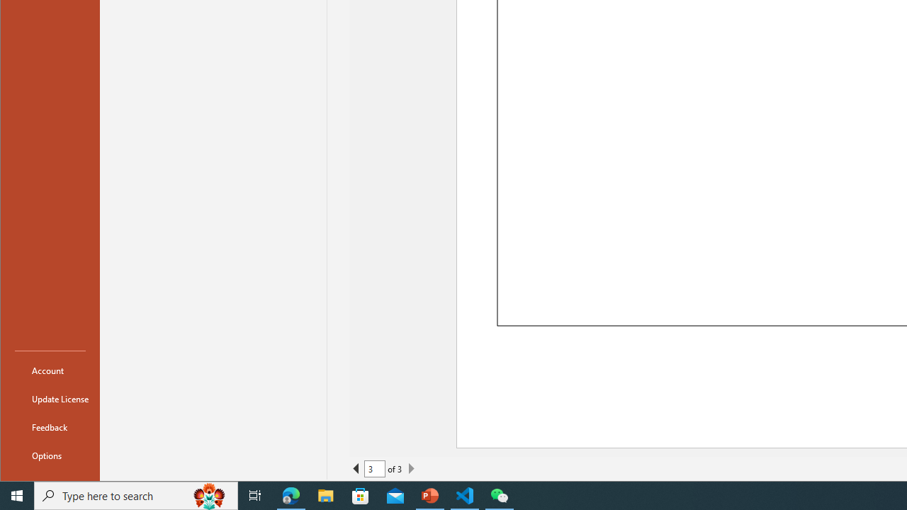  I want to click on 'Feedback', so click(50, 426).